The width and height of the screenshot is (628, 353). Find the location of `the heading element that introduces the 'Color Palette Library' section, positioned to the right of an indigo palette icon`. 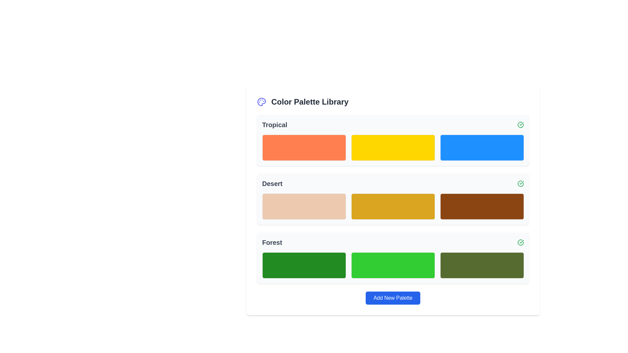

the heading element that introduces the 'Color Palette Library' section, positioned to the right of an indigo palette icon is located at coordinates (309, 102).